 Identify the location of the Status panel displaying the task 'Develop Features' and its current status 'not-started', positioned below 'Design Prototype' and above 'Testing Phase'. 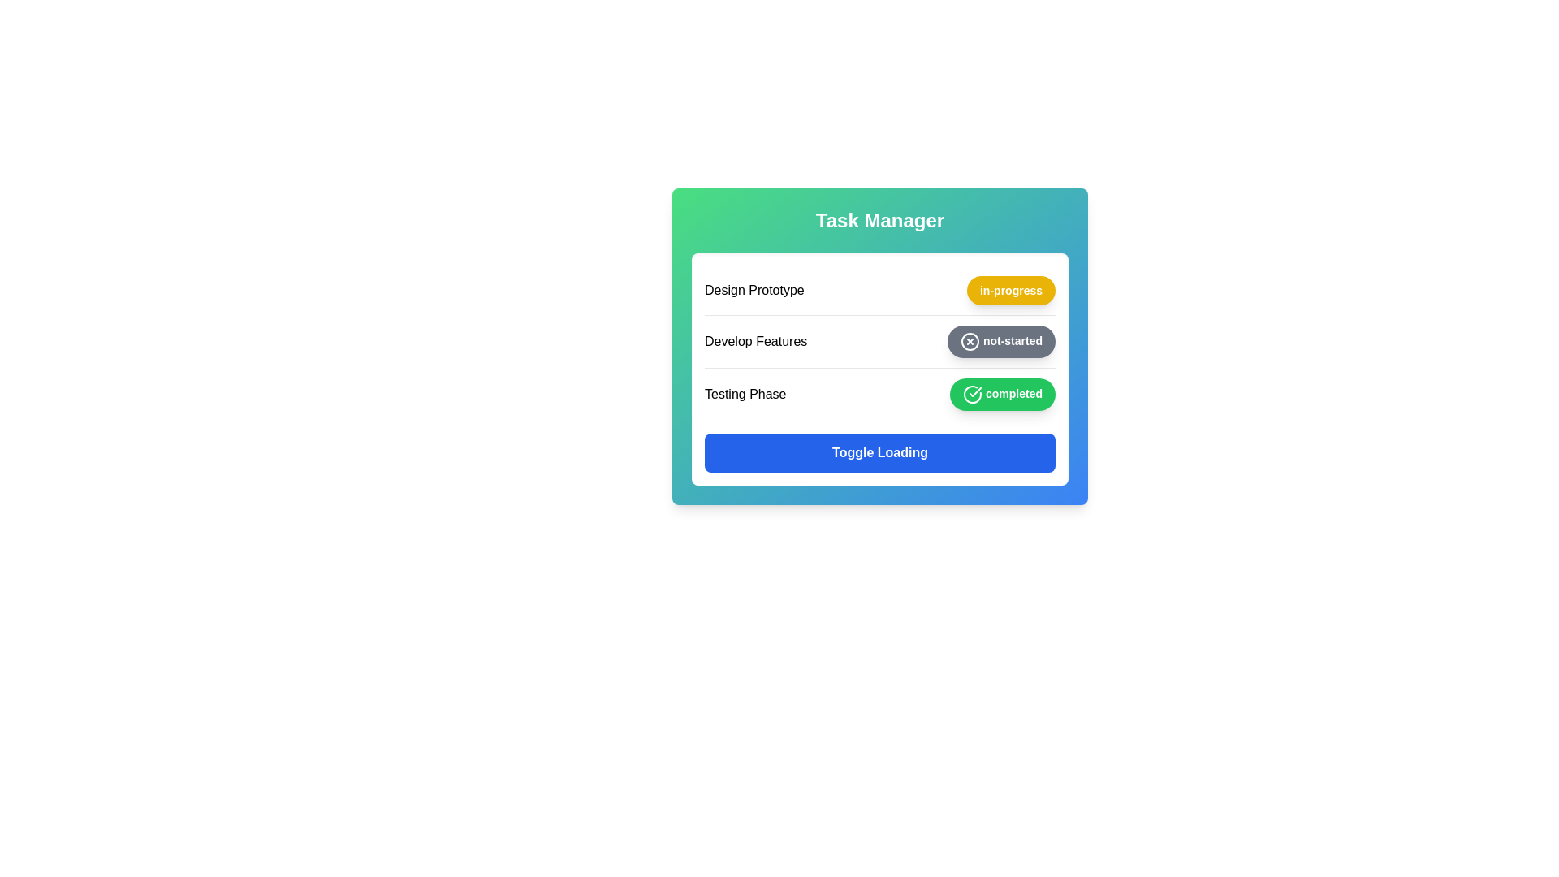
(879, 340).